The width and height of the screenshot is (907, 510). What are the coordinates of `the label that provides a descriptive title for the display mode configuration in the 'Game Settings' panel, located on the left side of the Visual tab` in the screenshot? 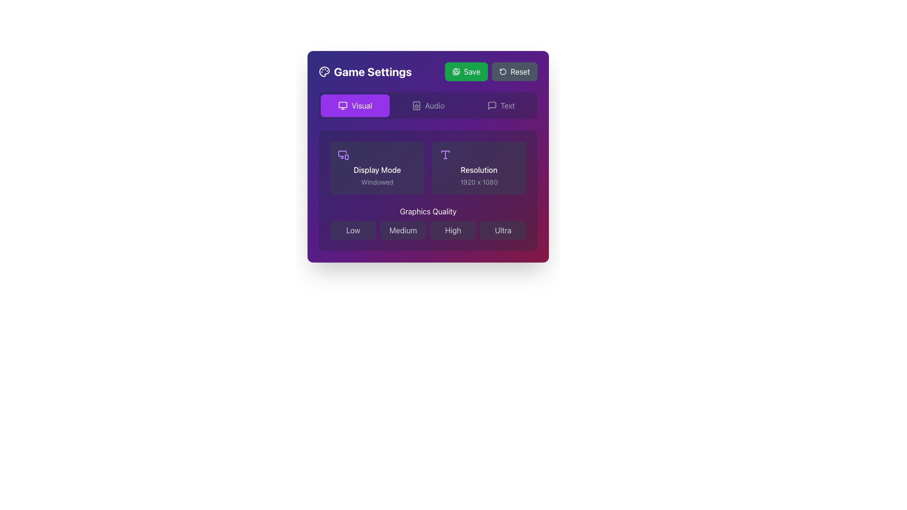 It's located at (376, 169).